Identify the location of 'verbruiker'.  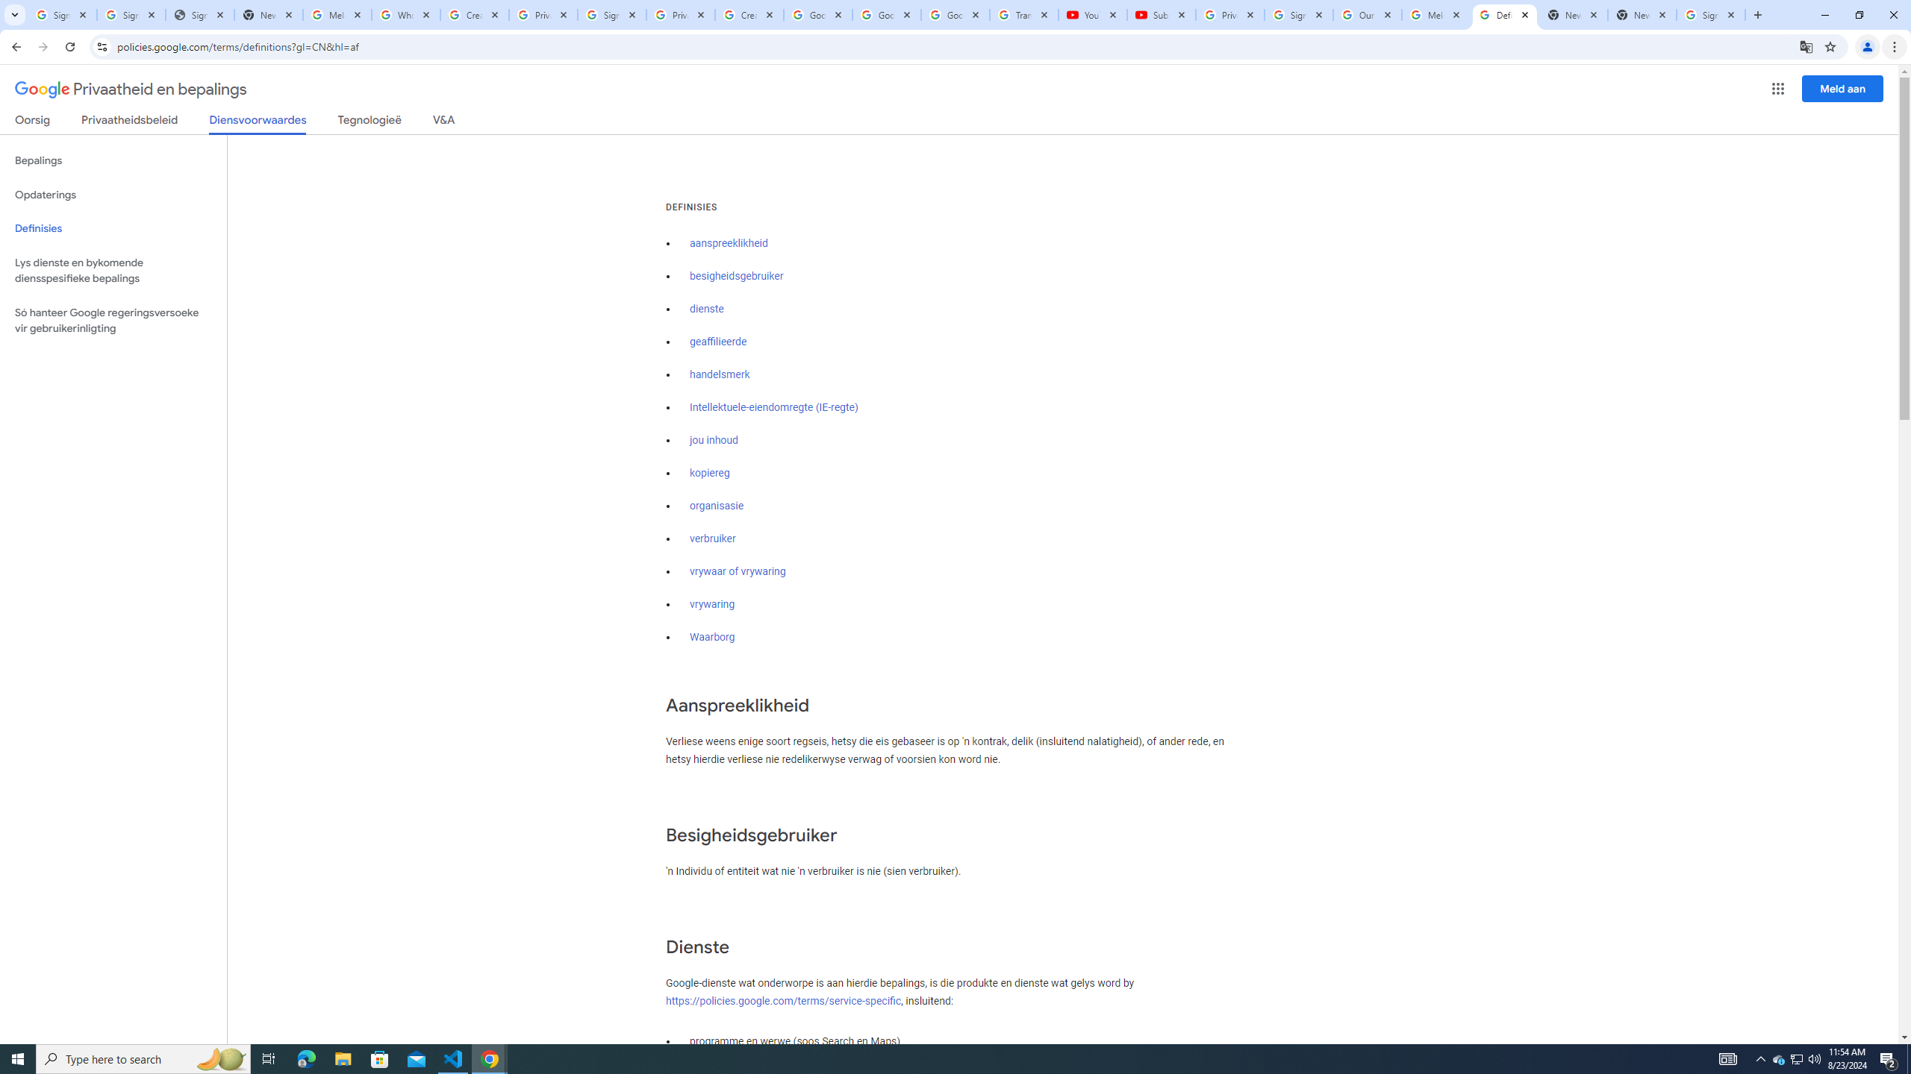
(711, 538).